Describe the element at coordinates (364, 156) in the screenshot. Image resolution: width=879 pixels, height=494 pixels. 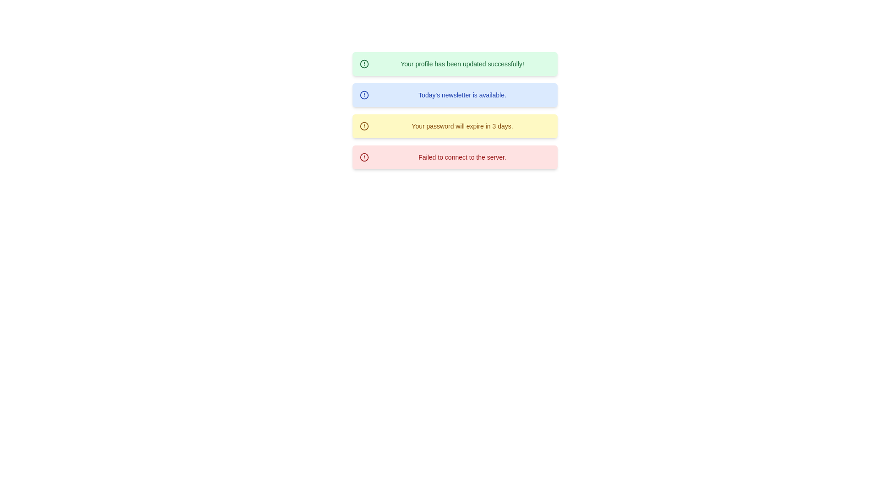
I see `the circular graphical icon component representing a critical error or warning in the lowest red message block of notifications` at that location.